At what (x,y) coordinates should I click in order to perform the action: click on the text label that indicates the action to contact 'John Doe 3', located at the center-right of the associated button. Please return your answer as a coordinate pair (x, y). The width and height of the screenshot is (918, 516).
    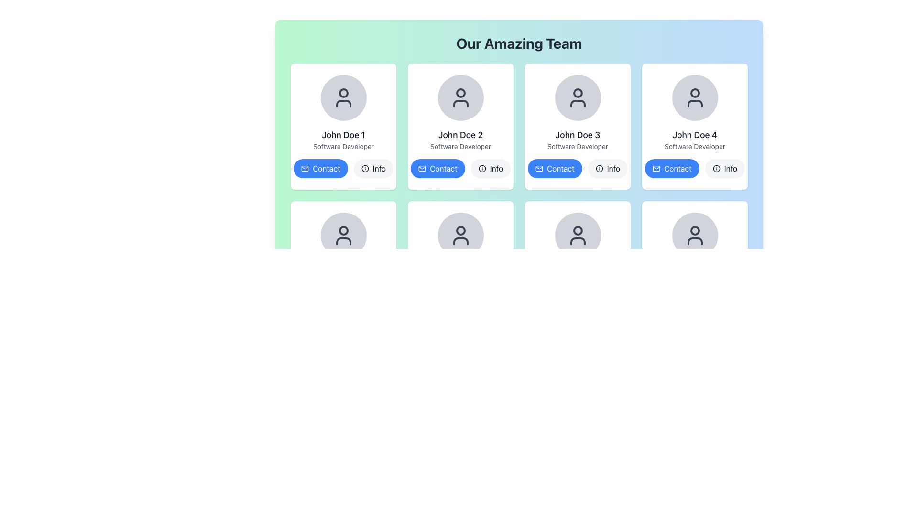
    Looking at the image, I should click on (560, 168).